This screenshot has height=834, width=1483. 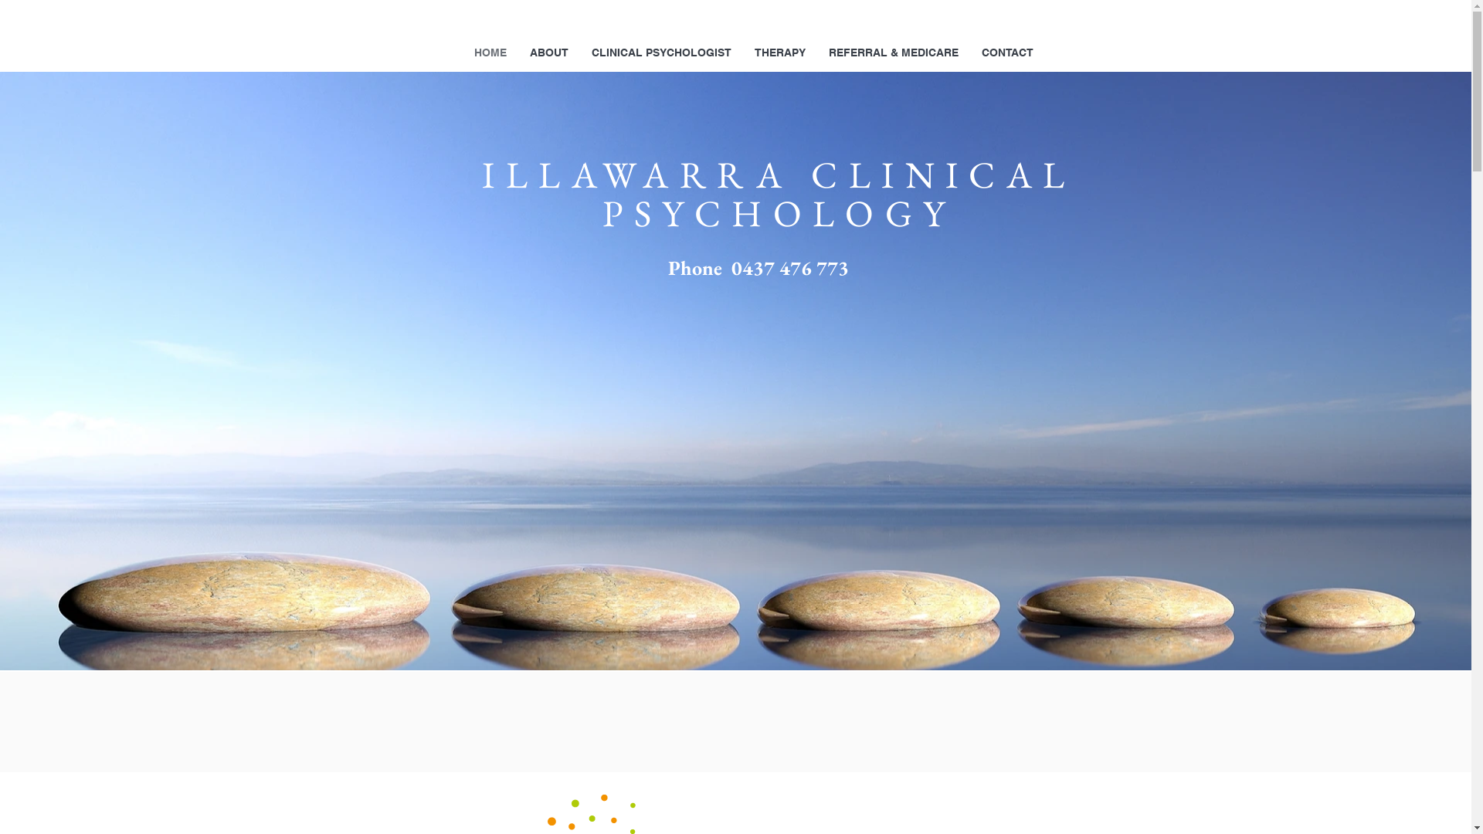 I want to click on 'THERAPY', so click(x=779, y=52).